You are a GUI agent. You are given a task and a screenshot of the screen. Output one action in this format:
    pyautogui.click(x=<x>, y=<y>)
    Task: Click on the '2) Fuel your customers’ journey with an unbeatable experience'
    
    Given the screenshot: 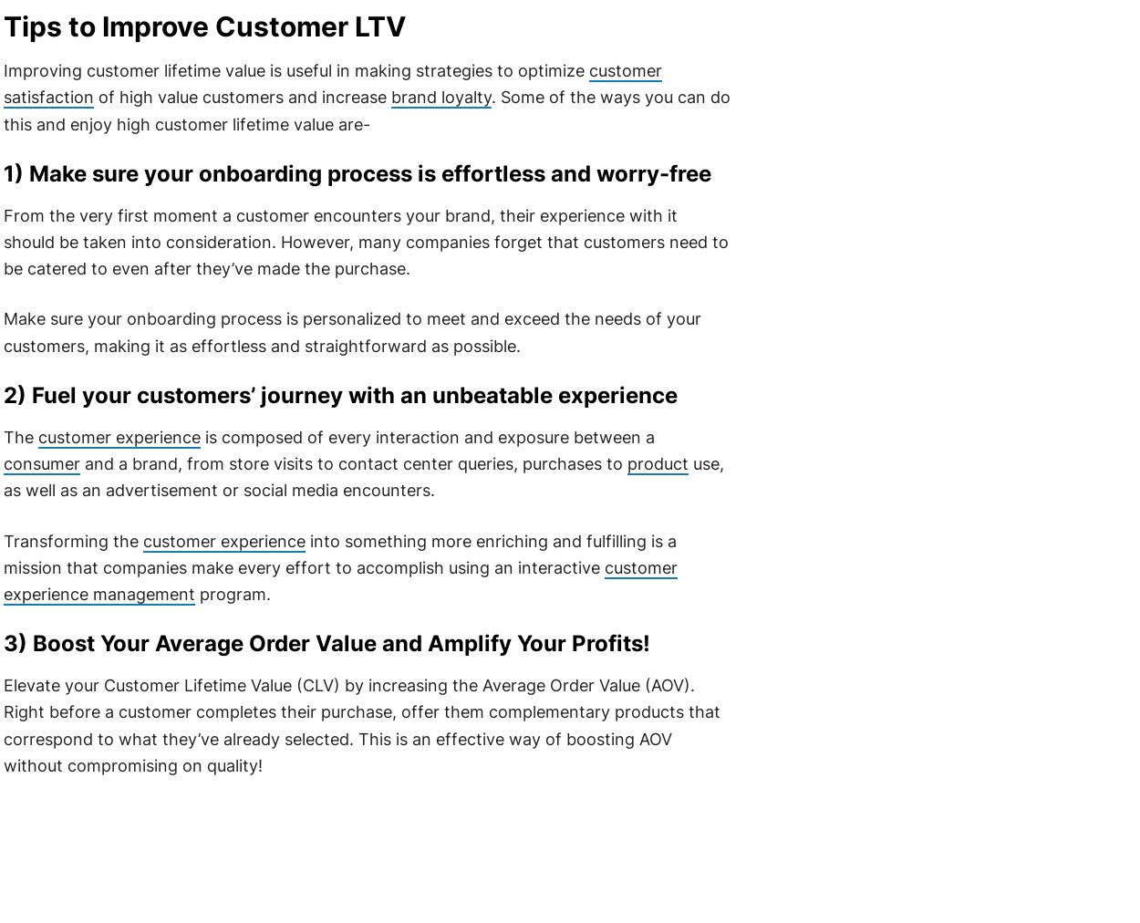 What is the action you would take?
    pyautogui.click(x=338, y=394)
    